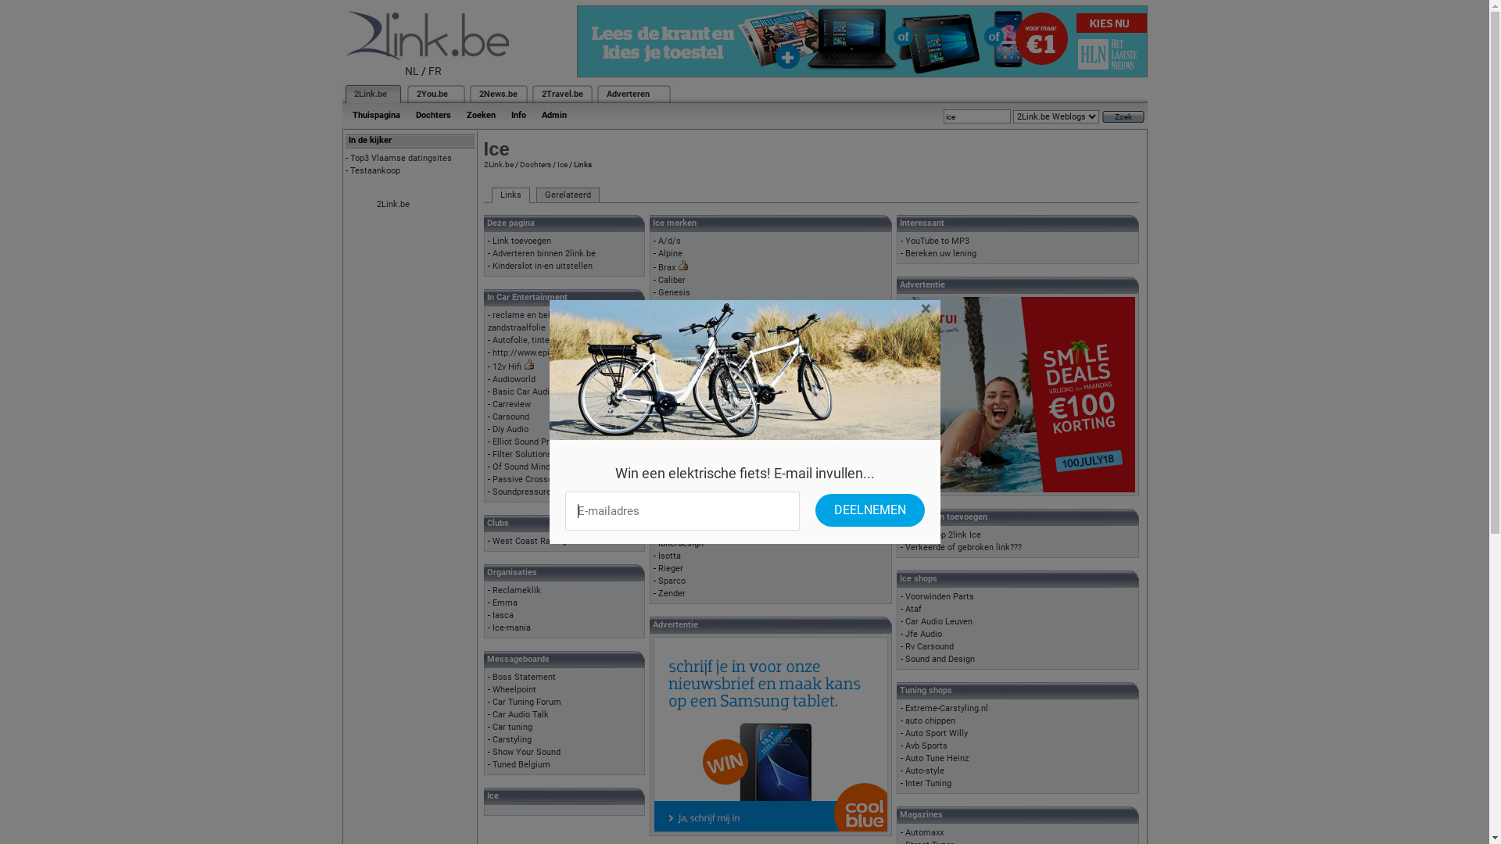 The image size is (1501, 844). Describe the element at coordinates (534, 442) in the screenshot. I see `'Elliot Sound Products'` at that location.